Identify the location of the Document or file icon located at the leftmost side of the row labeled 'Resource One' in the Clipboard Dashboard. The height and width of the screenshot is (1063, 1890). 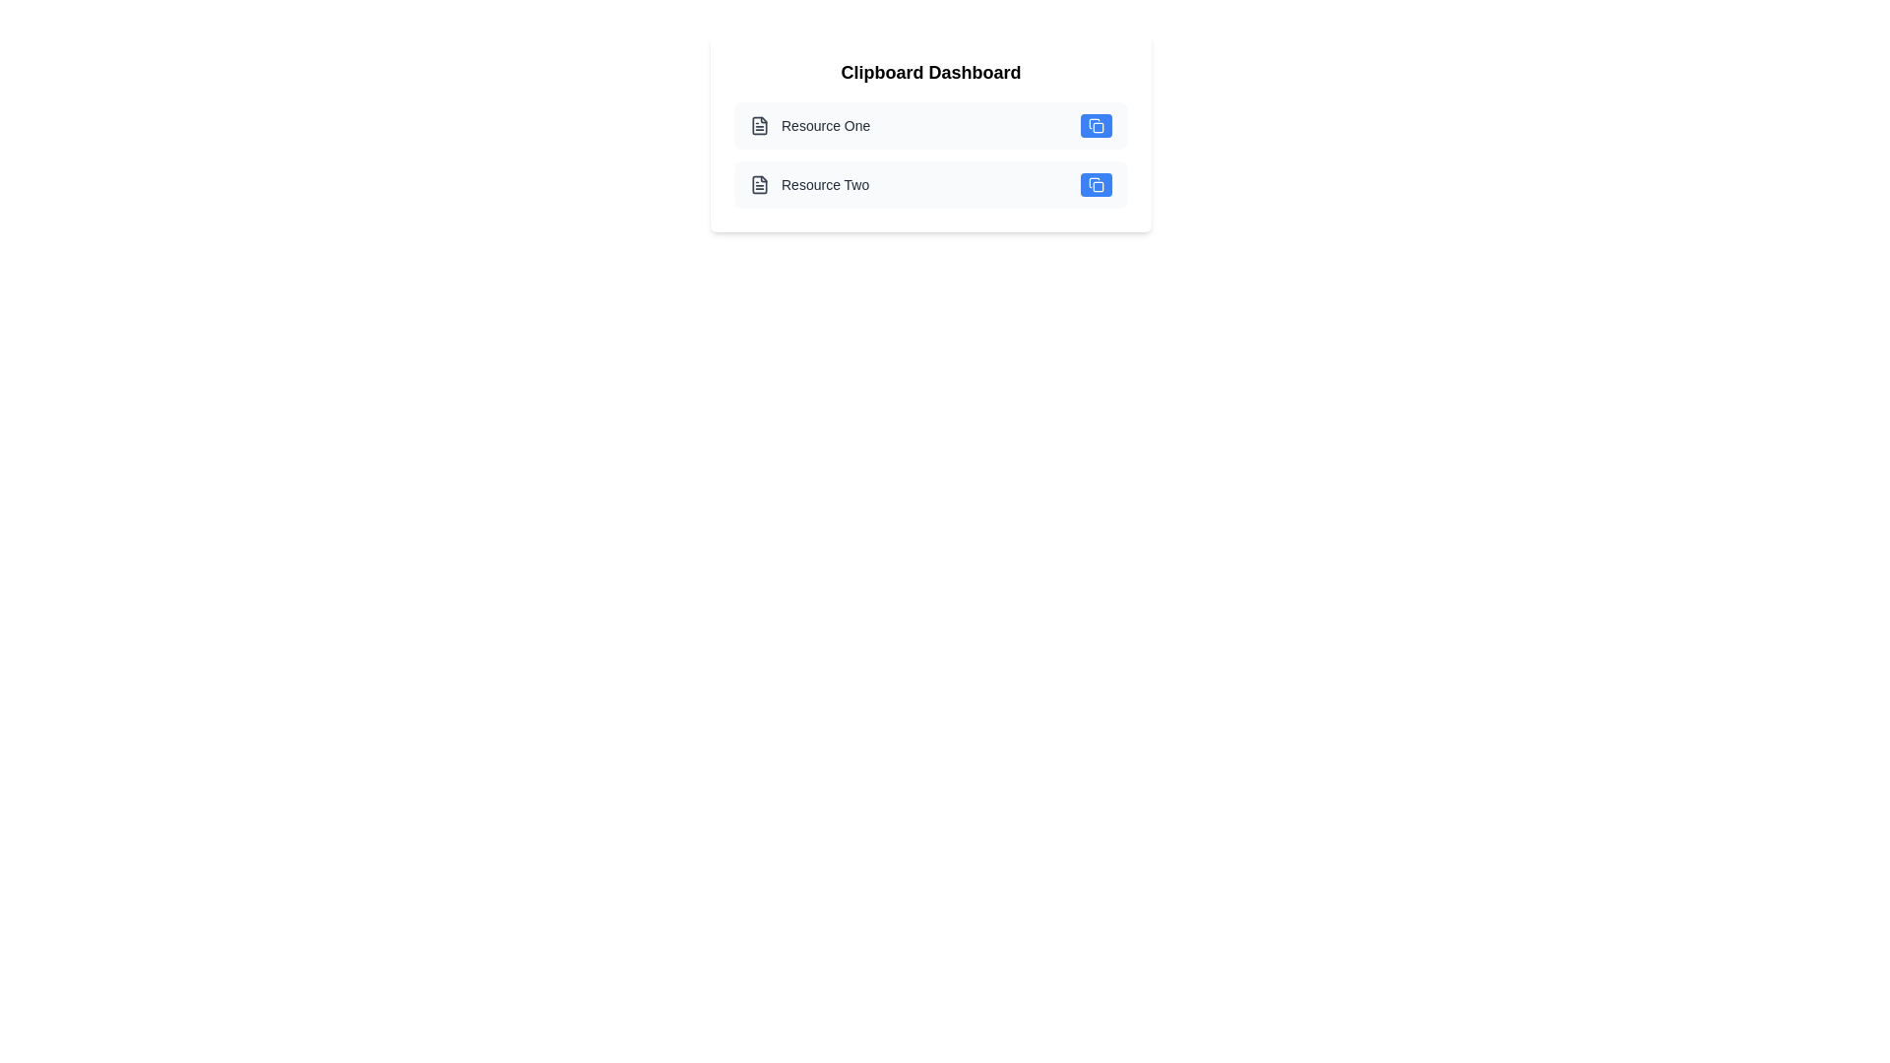
(759, 125).